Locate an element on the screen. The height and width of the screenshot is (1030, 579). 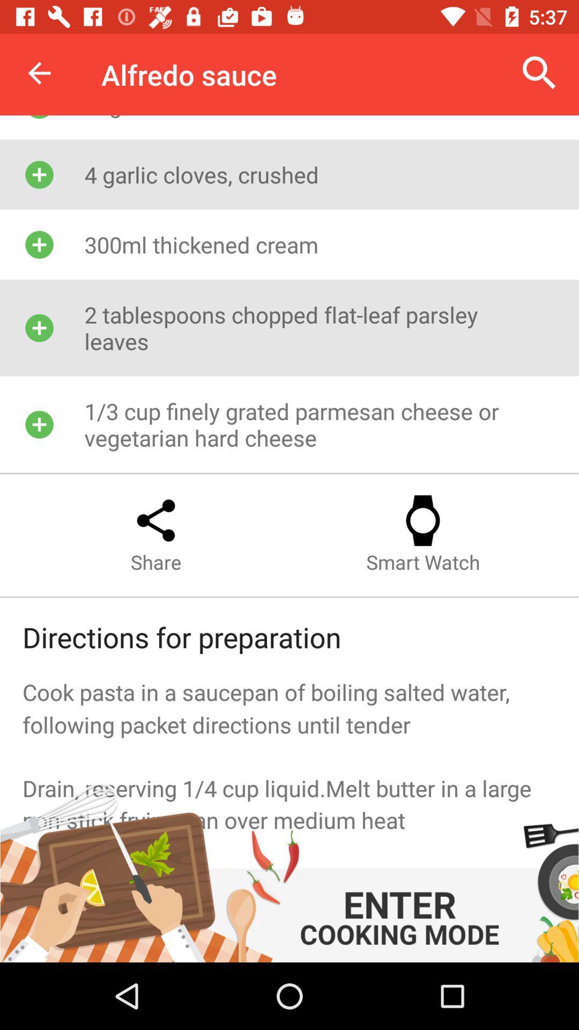
the icon at the top right corner is located at coordinates (539, 72).